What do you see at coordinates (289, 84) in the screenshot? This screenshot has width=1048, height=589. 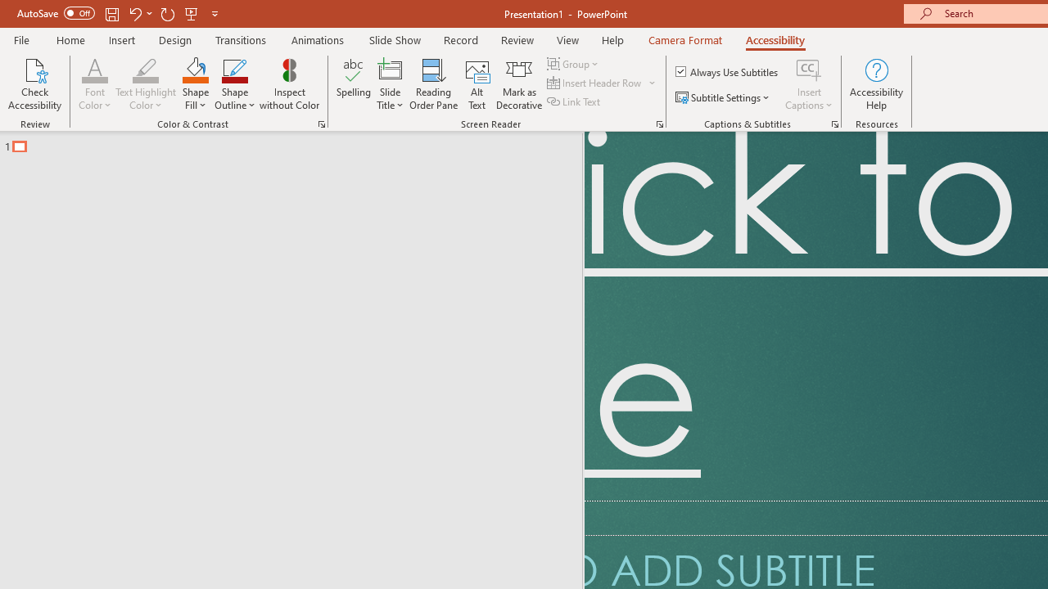 I see `'Inspect without Color'` at bounding box center [289, 84].